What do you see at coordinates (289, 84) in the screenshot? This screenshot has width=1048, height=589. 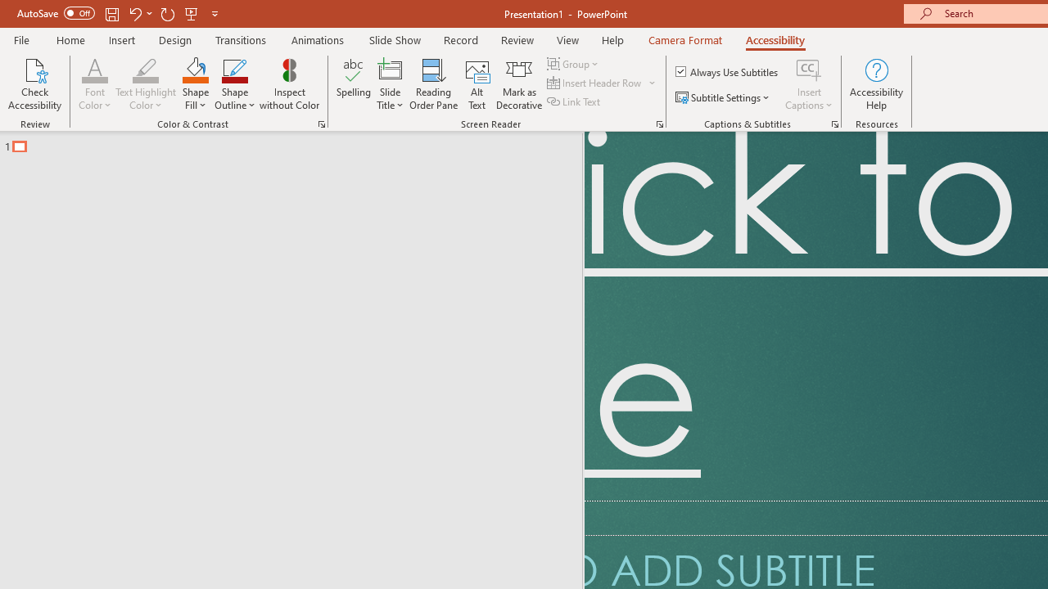 I see `'Inspect without Color'` at bounding box center [289, 84].